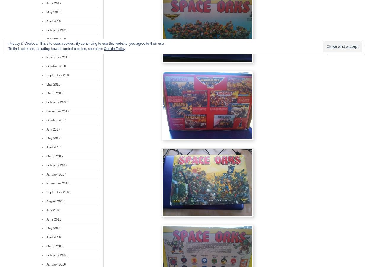 The image size is (368, 267). I want to click on 'March 2017', so click(46, 156).